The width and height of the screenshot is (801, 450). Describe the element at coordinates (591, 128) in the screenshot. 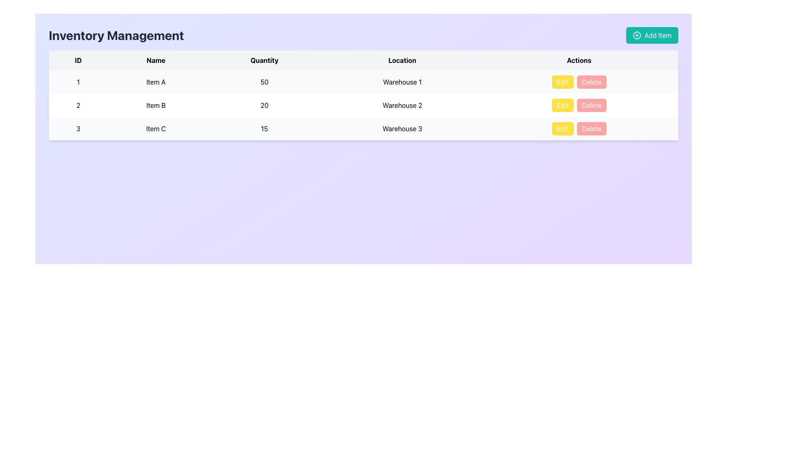

I see `the delete button located in the 'Actions' column of the third row in the table` at that location.